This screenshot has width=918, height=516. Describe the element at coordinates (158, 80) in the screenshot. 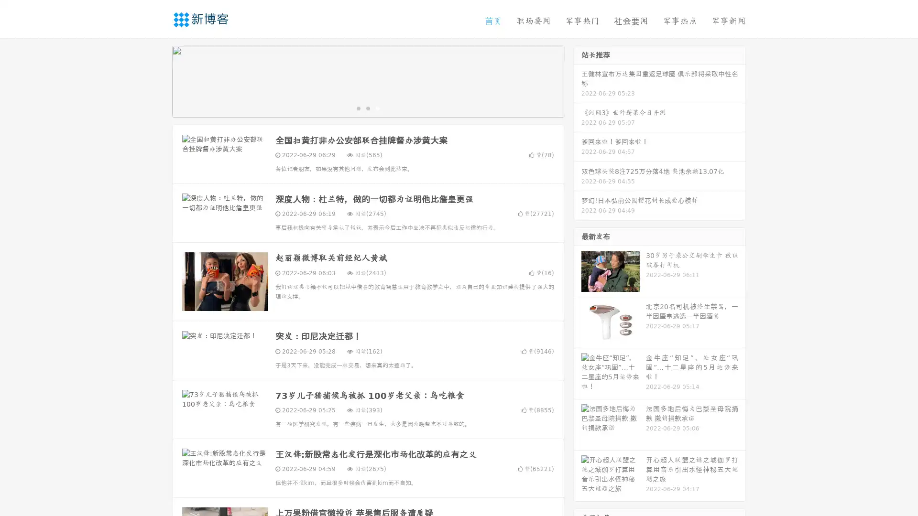

I see `Previous slide` at that location.